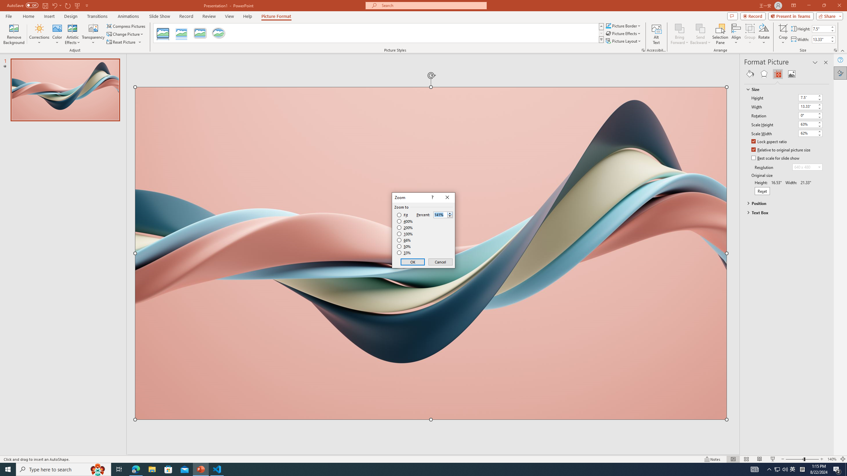 The image size is (847, 476). What do you see at coordinates (680, 28) in the screenshot?
I see `'Bring Forward'` at bounding box center [680, 28].